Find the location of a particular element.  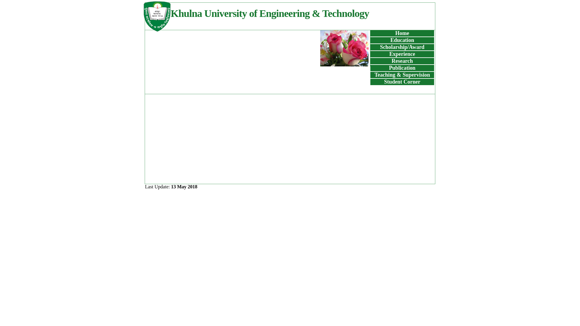

'Scholarship/Award' is located at coordinates (402, 46).